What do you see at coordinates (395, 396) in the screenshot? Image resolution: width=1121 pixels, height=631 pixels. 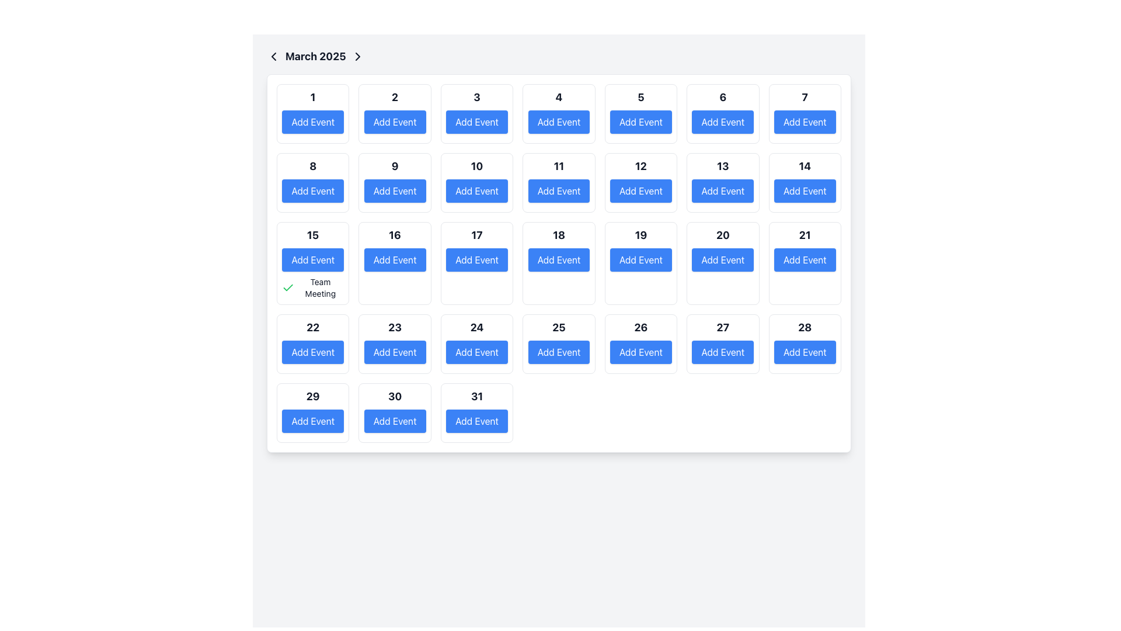 I see `the bold, large-sized text displaying the numeral '30' which is positioned at the top of a calendar-style date box` at bounding box center [395, 396].